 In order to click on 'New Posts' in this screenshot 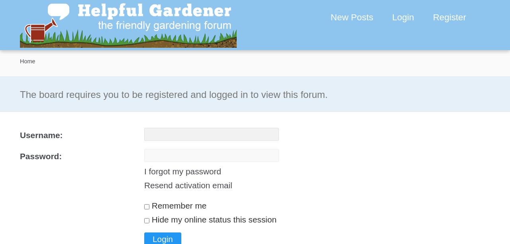, I will do `click(351, 17)`.